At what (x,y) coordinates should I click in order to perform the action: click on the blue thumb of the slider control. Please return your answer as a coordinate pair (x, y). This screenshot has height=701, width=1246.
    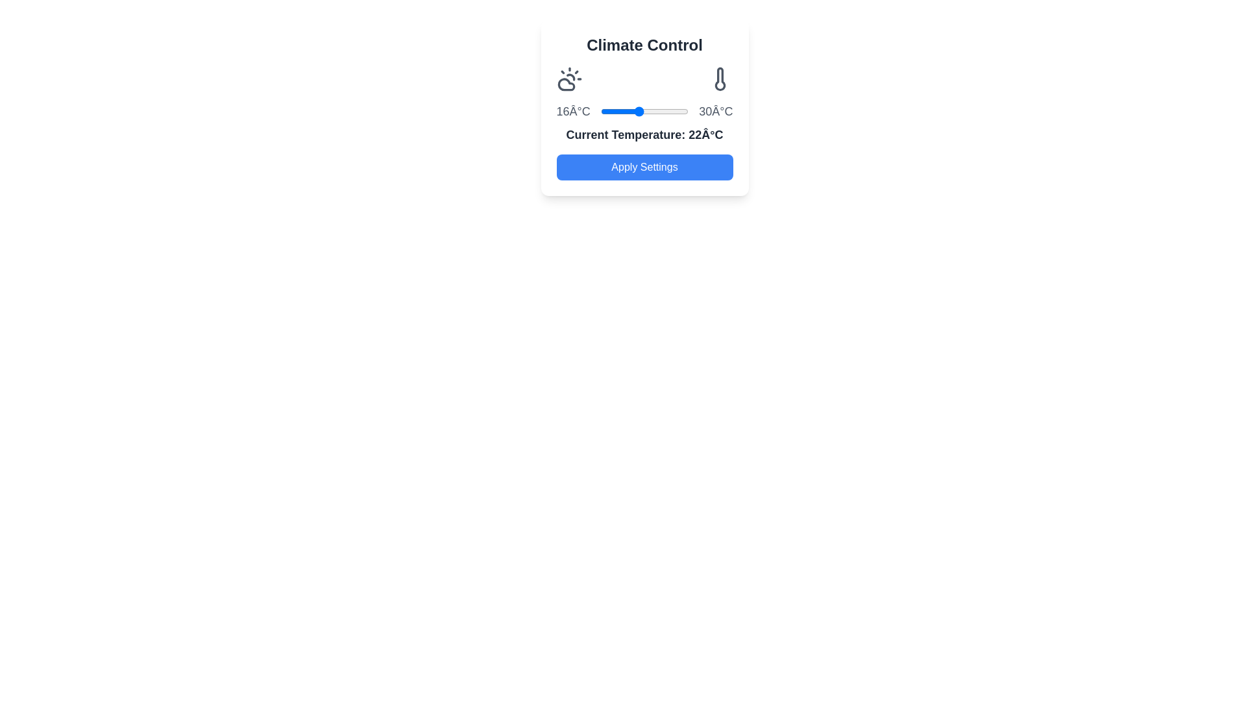
    Looking at the image, I should click on (644, 111).